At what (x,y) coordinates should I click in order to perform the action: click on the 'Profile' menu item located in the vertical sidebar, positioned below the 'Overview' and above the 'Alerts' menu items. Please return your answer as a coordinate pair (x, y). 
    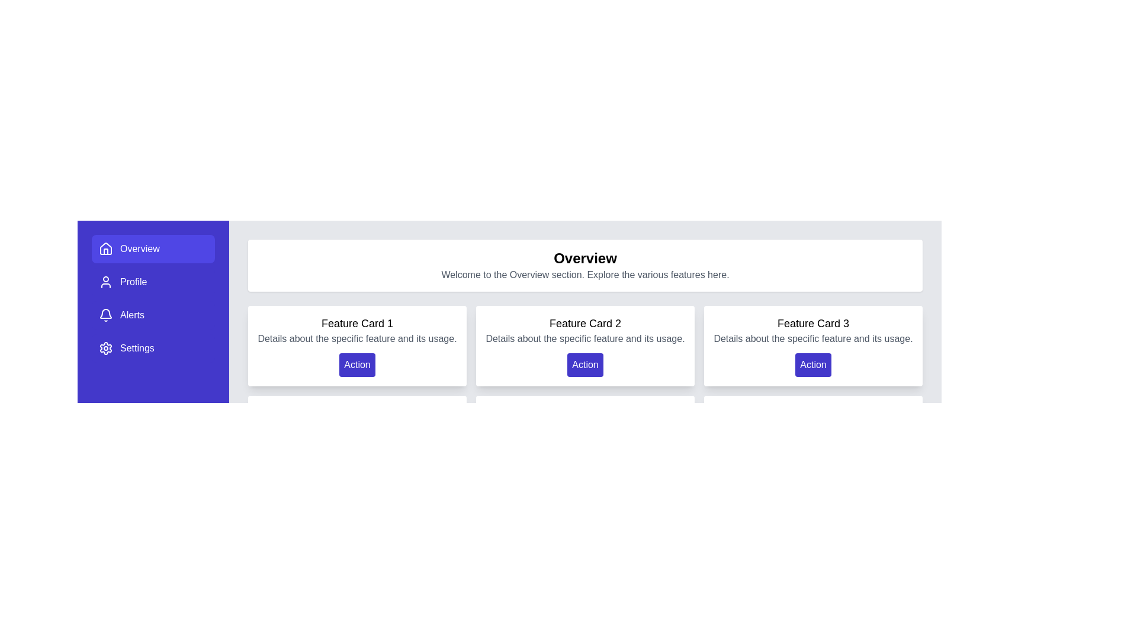
    Looking at the image, I should click on (133, 282).